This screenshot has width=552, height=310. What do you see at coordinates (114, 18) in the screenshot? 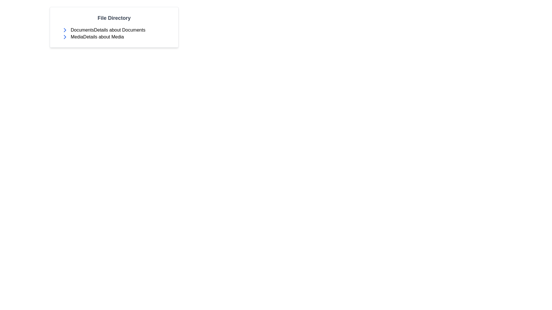
I see `the Text Label which serves as the header or title for the content section, located at the topmost position near the upper-left area of the content section` at bounding box center [114, 18].